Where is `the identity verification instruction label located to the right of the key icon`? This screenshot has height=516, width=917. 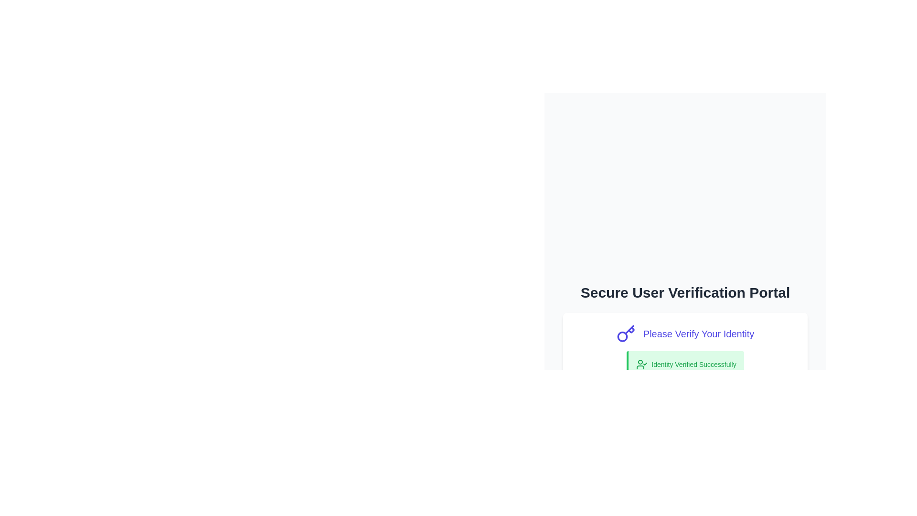
the identity verification instruction label located to the right of the key icon is located at coordinates (699, 333).